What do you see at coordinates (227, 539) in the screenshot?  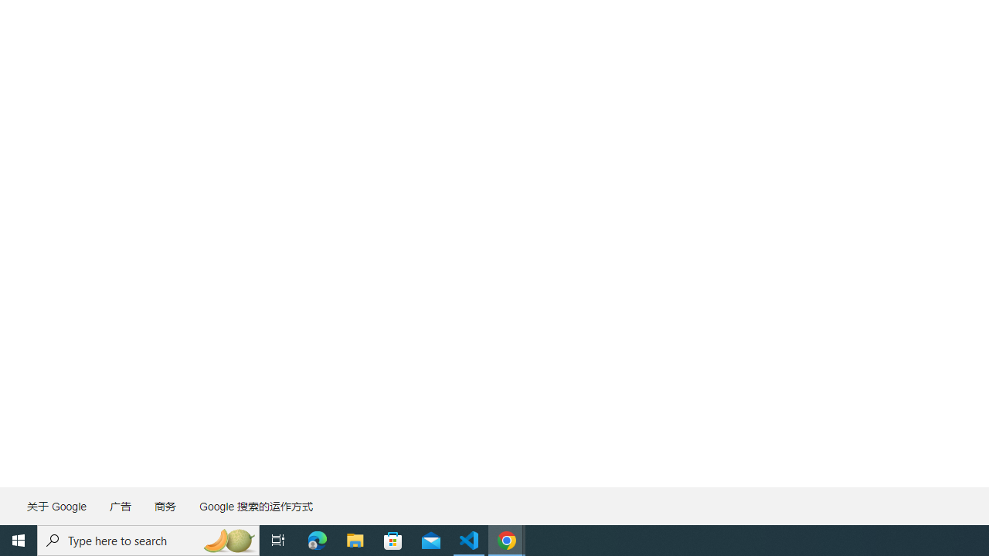 I see `'Search highlights icon opens search home window'` at bounding box center [227, 539].